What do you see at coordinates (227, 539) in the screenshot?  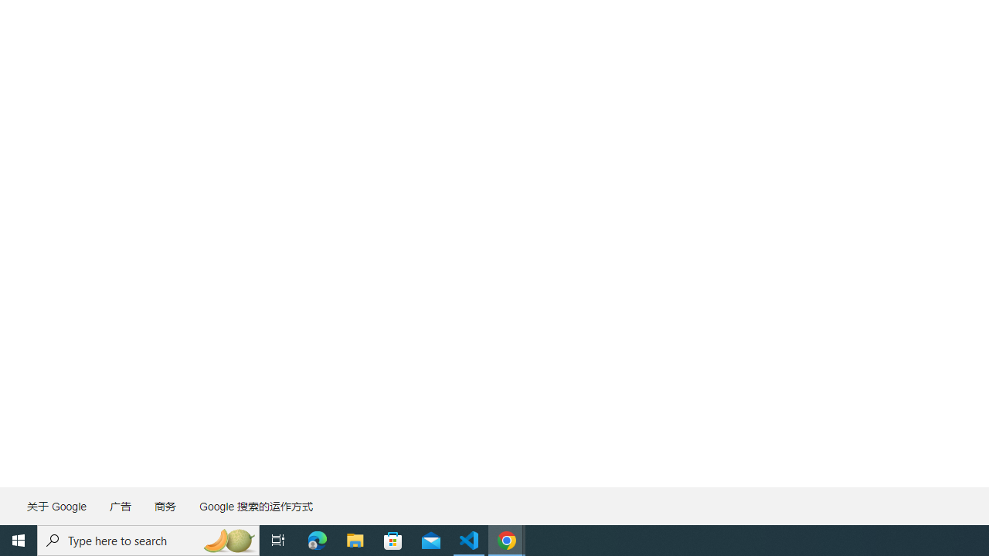 I see `'Search highlights icon opens search home window'` at bounding box center [227, 539].